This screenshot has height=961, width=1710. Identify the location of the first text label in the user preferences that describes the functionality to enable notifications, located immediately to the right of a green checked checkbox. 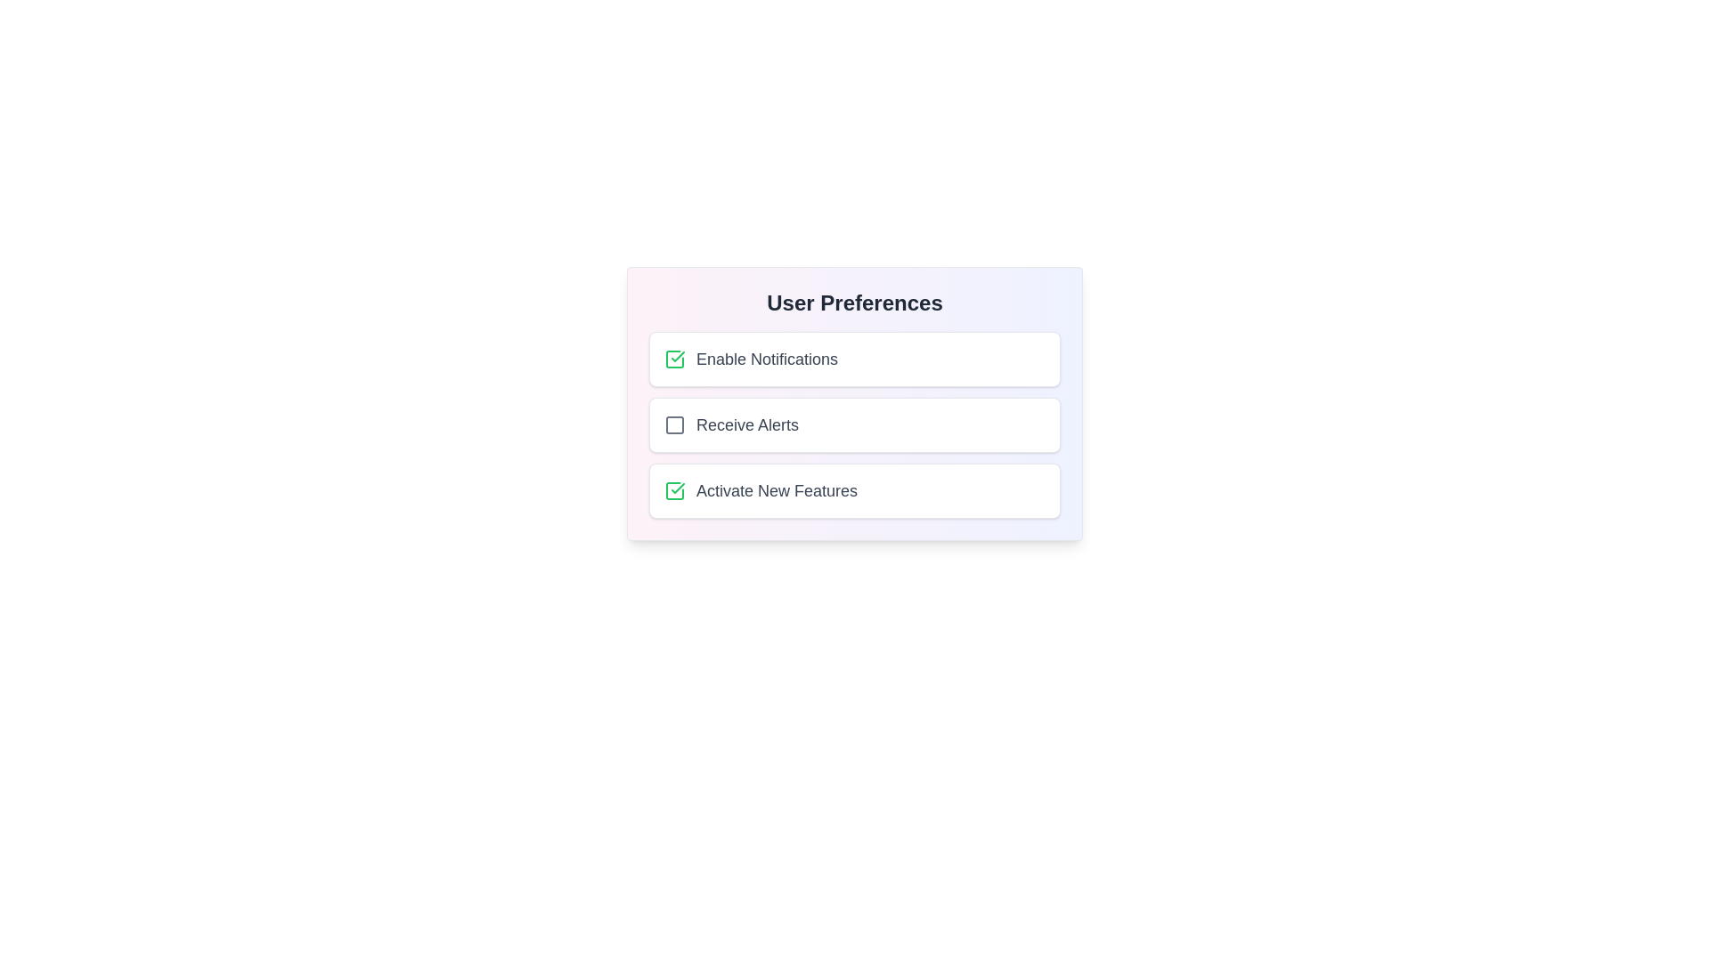
(767, 359).